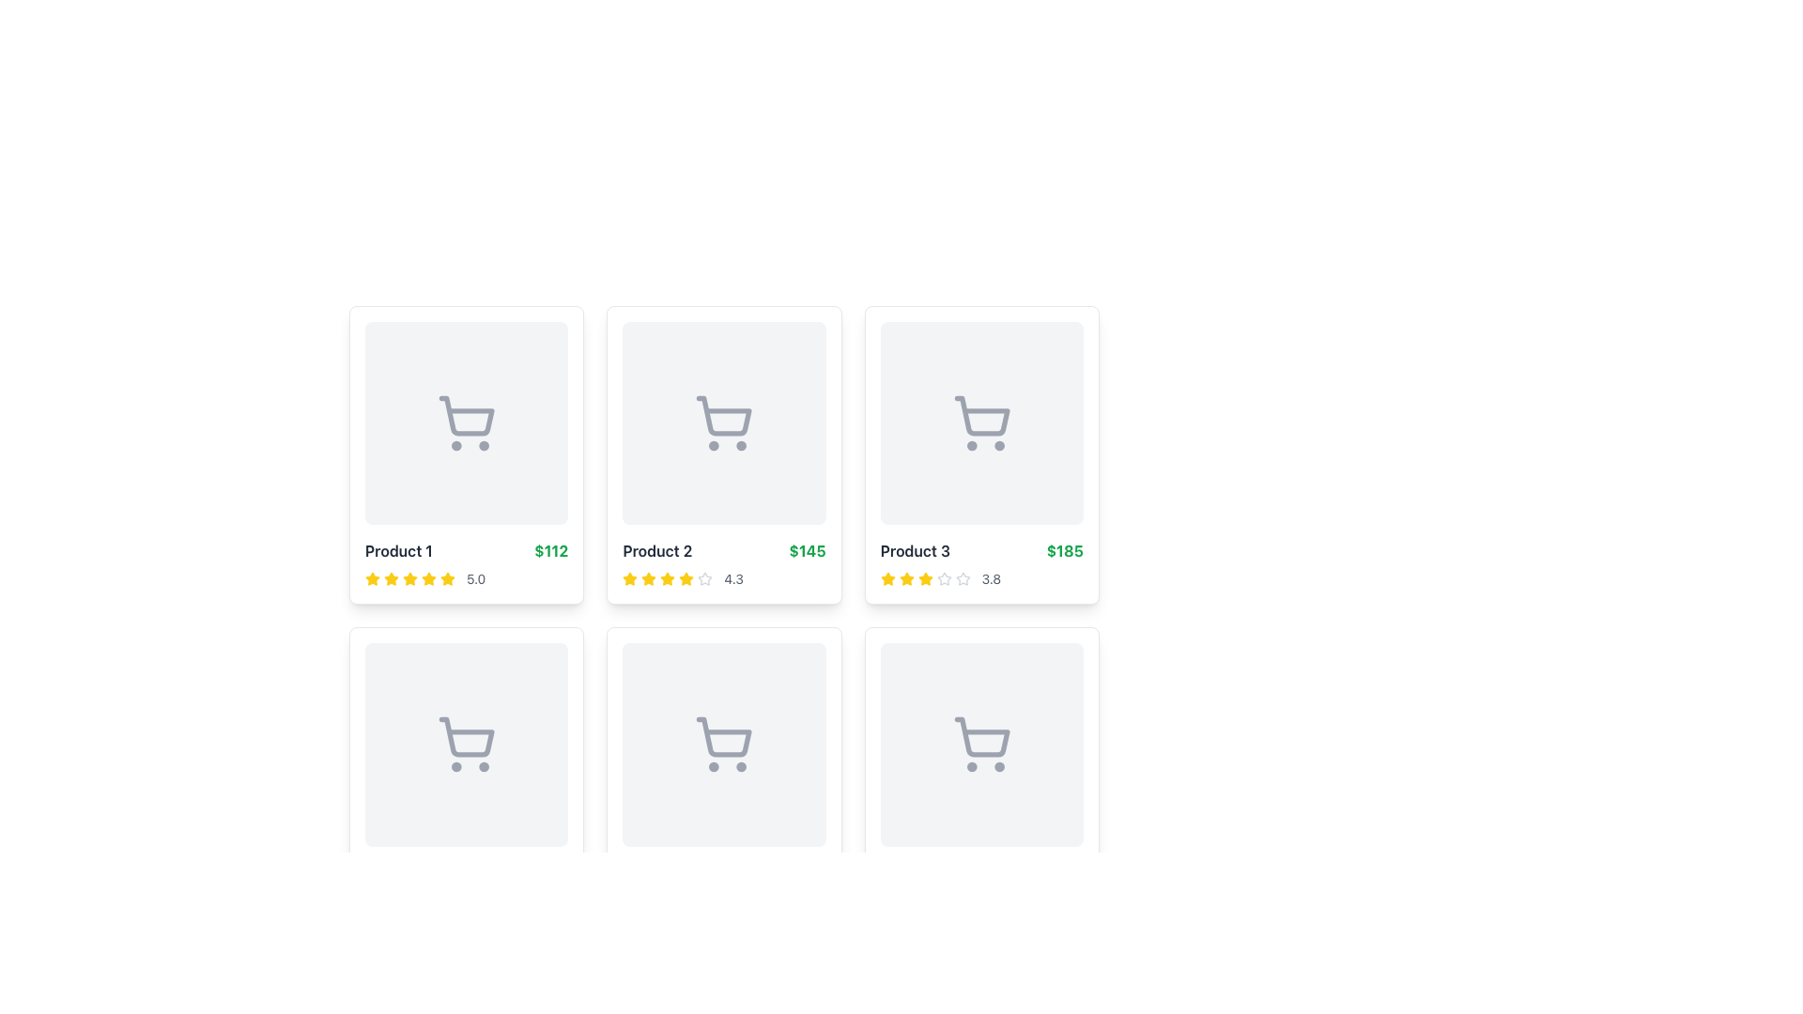 The height and width of the screenshot is (1014, 1803). Describe the element at coordinates (649, 578) in the screenshot. I see `the third star icon in the rating system for Product 2 to rate it` at that location.